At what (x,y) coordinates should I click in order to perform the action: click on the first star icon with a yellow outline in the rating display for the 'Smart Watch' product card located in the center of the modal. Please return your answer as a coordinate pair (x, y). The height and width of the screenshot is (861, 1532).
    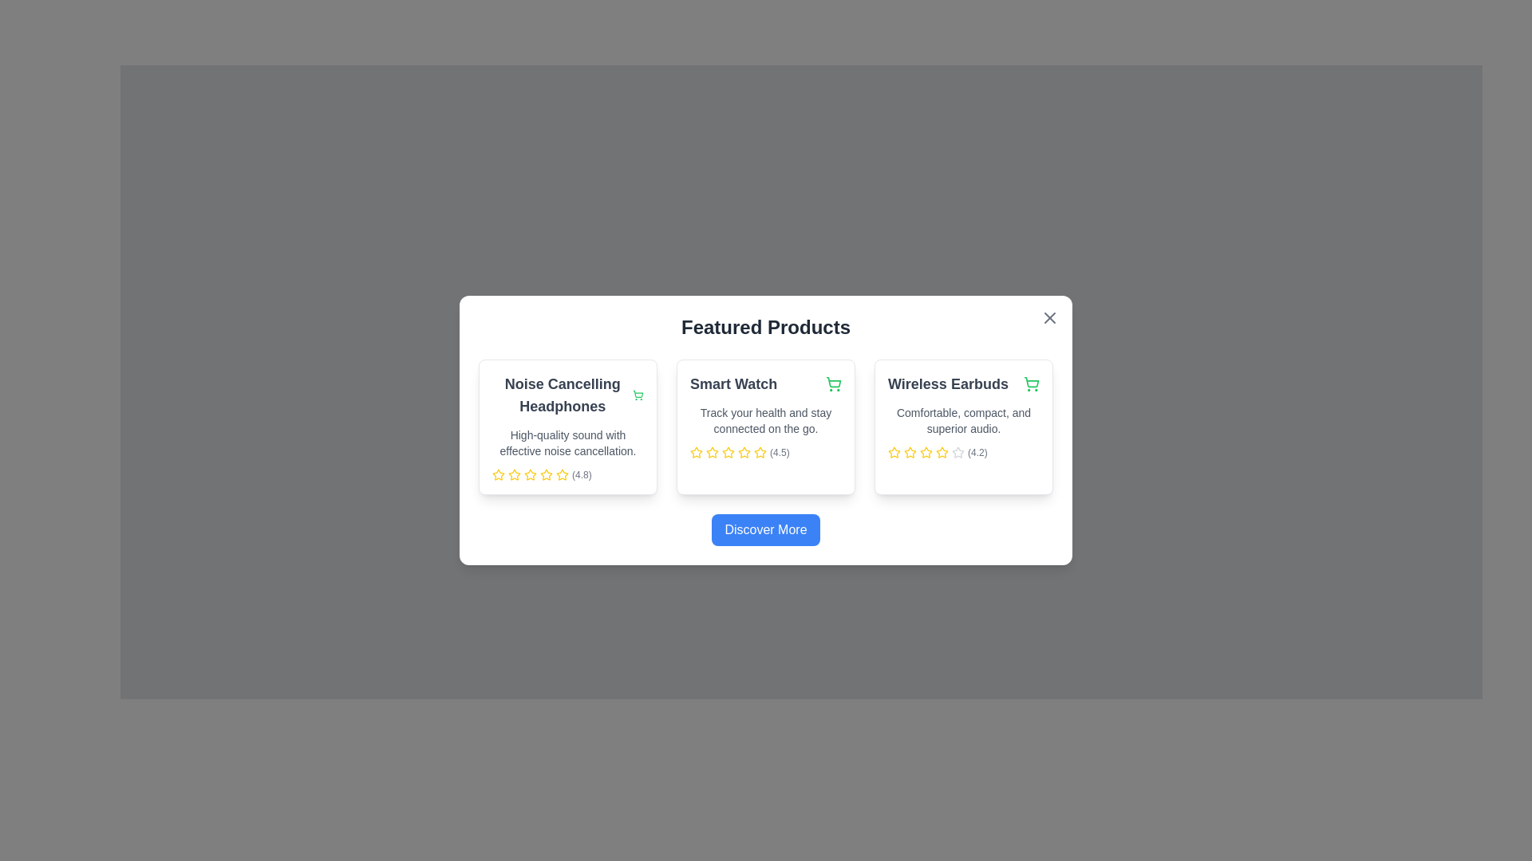
    Looking at the image, I should click on (697, 452).